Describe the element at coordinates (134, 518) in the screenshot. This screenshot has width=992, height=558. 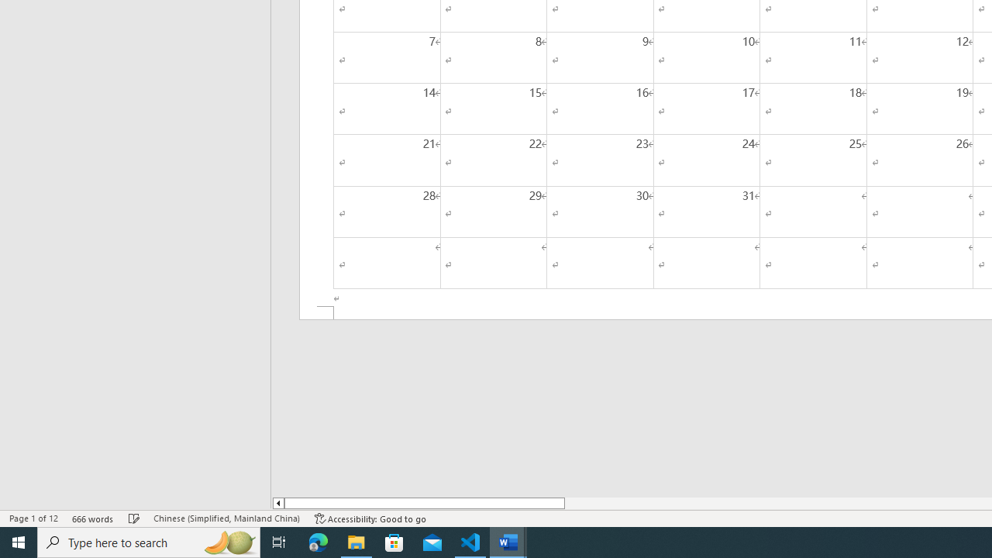
I see `'Spelling and Grammar Check Checking'` at that location.